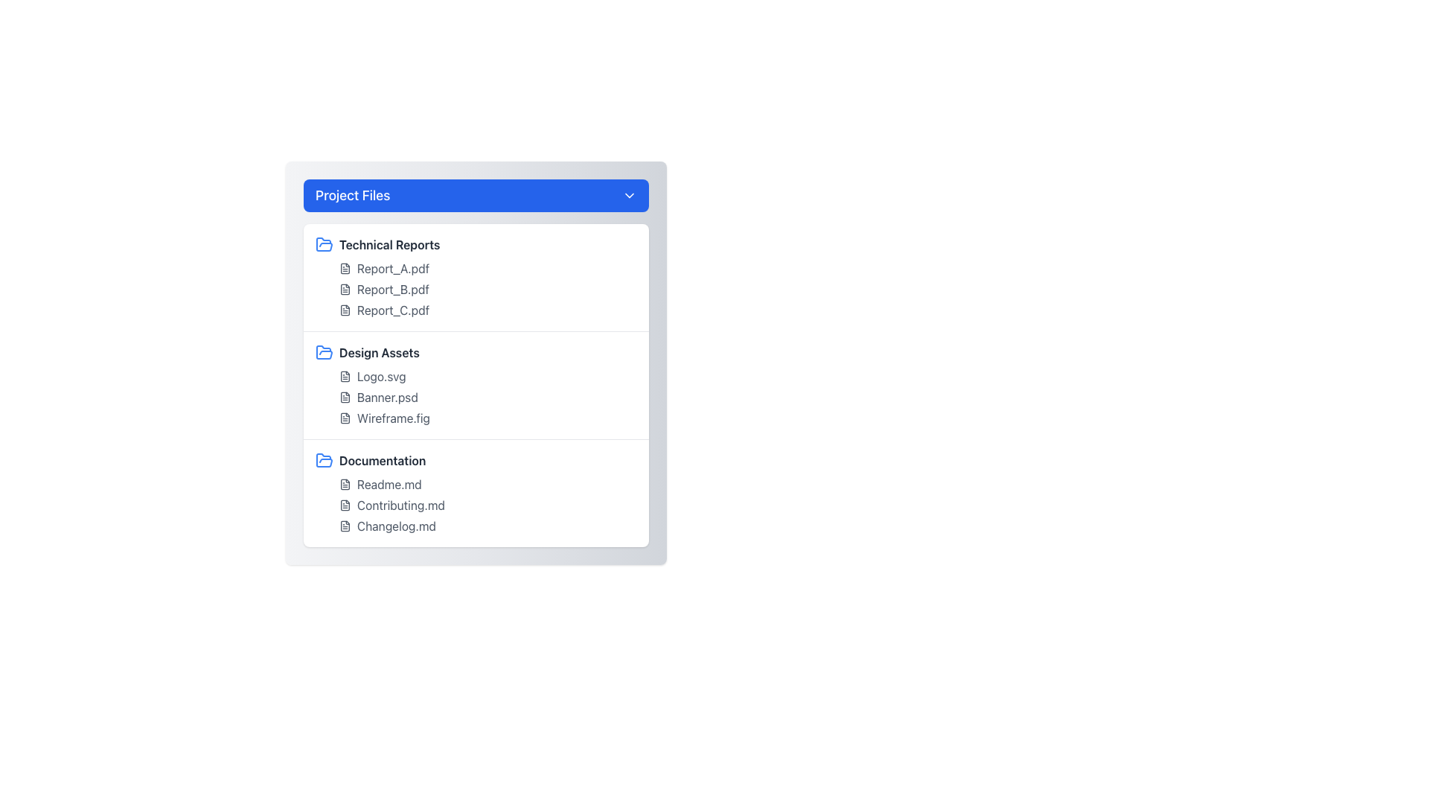 This screenshot has height=804, width=1429. What do you see at coordinates (345, 485) in the screenshot?
I see `the small gray document icon with a folded corner next to the 'Readme.md' text label in the 'Documentation' section of the file list` at bounding box center [345, 485].